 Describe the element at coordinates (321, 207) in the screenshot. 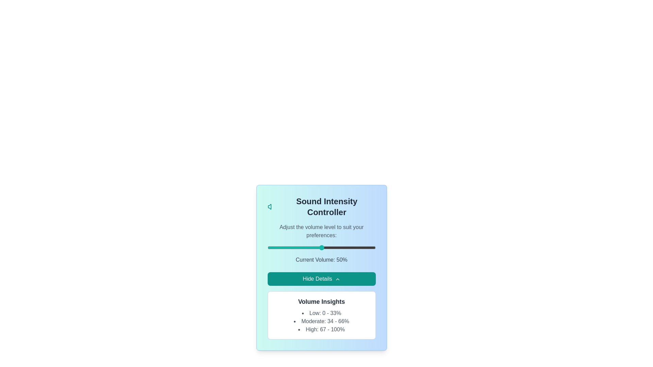

I see `the title text 'Sound Intensity Controller' for copying` at that location.